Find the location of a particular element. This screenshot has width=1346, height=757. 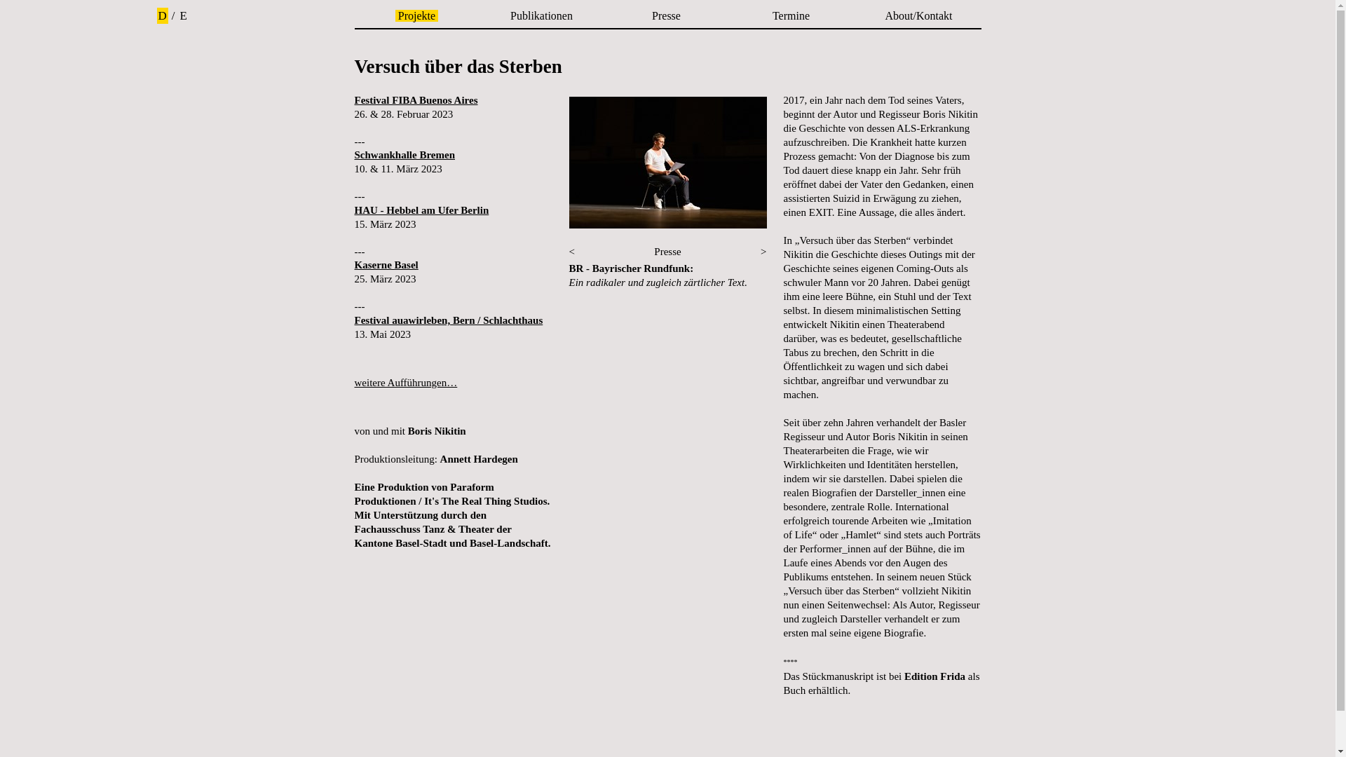

'D' is located at coordinates (162, 15).